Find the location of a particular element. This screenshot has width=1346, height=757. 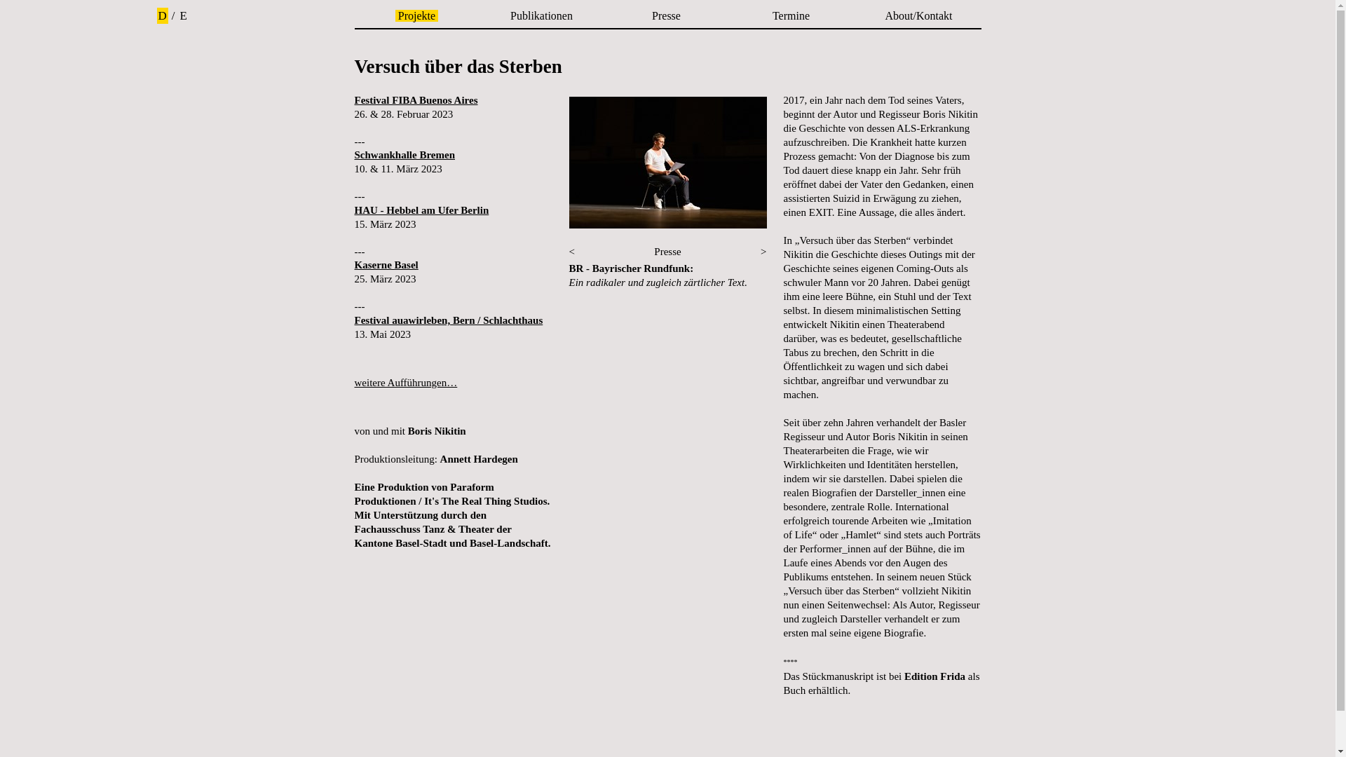

'D' is located at coordinates (162, 15).